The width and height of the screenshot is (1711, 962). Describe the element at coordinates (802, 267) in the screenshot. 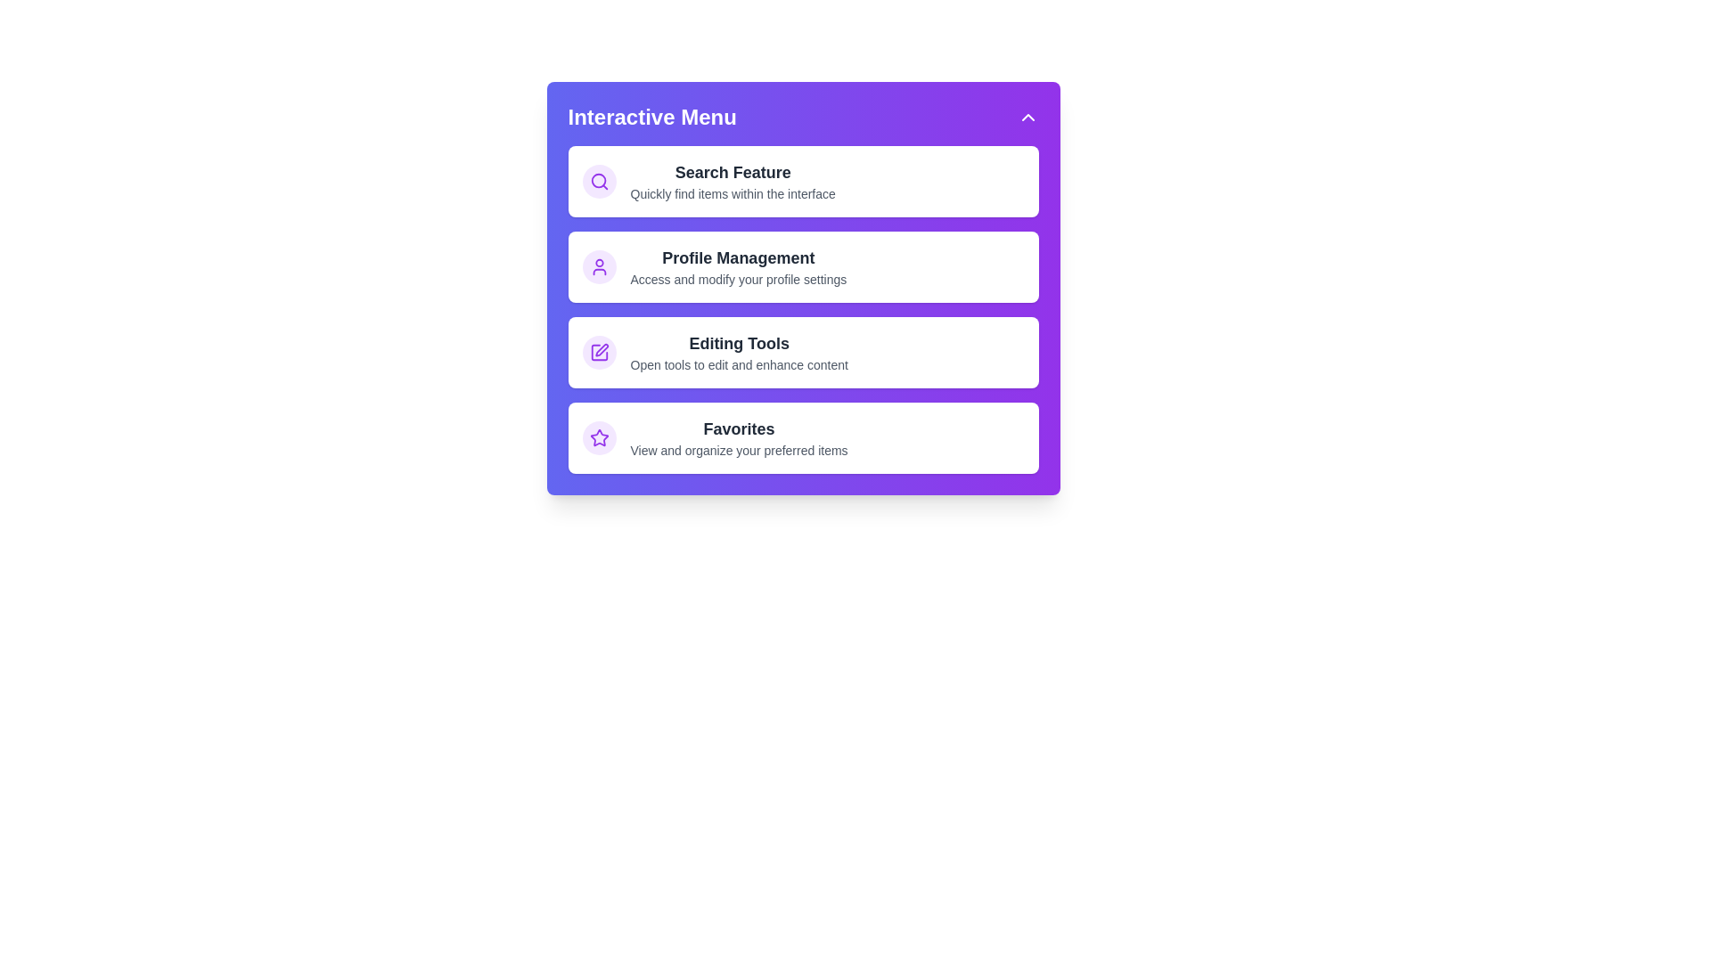

I see `the menu item Profile Management by clicking on it` at that location.